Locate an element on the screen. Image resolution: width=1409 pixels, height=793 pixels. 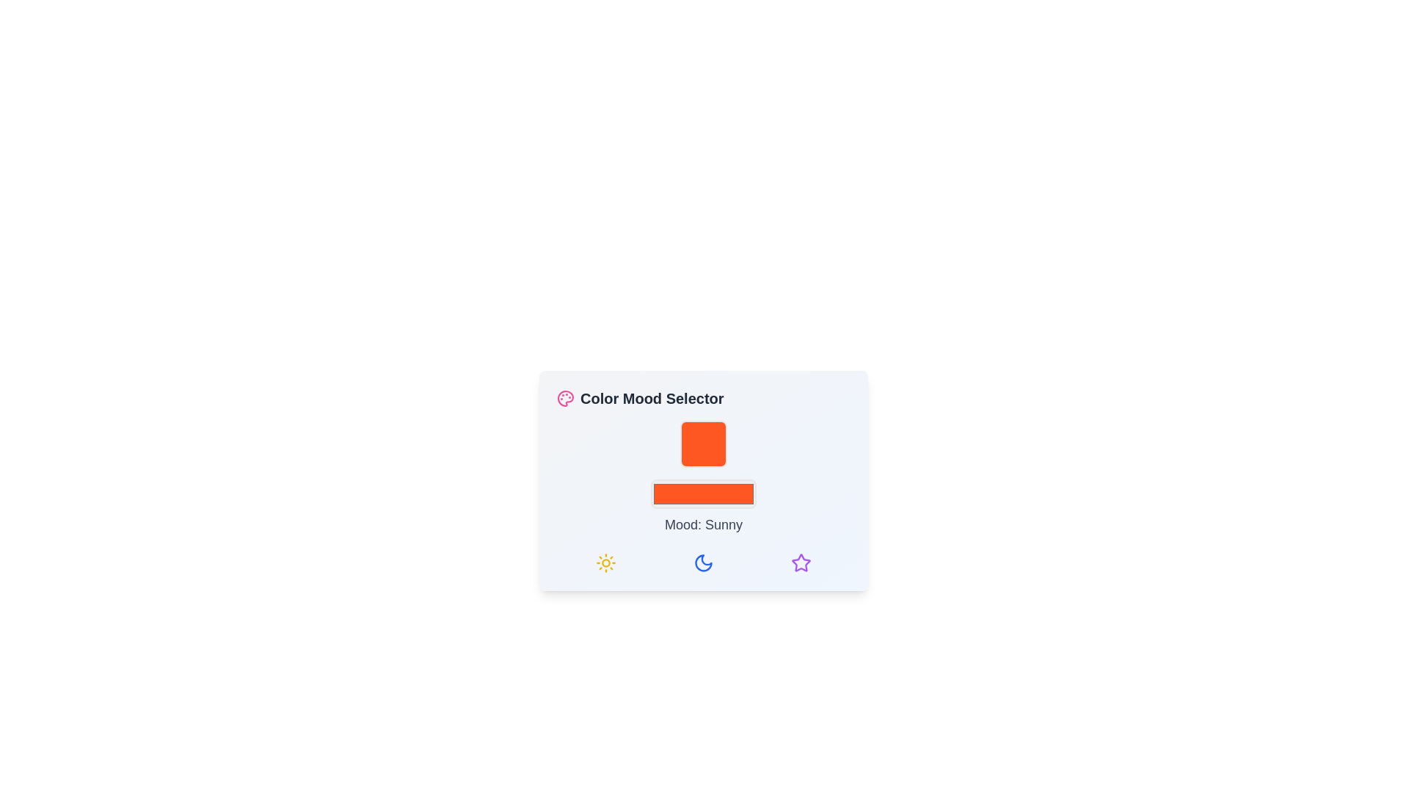
the mood indicator element with a vivid orange background, which is a square with rounded corners, located above the sibling elements in the mood selector component labeled 'Mood: Sunny' is located at coordinates (703, 443).